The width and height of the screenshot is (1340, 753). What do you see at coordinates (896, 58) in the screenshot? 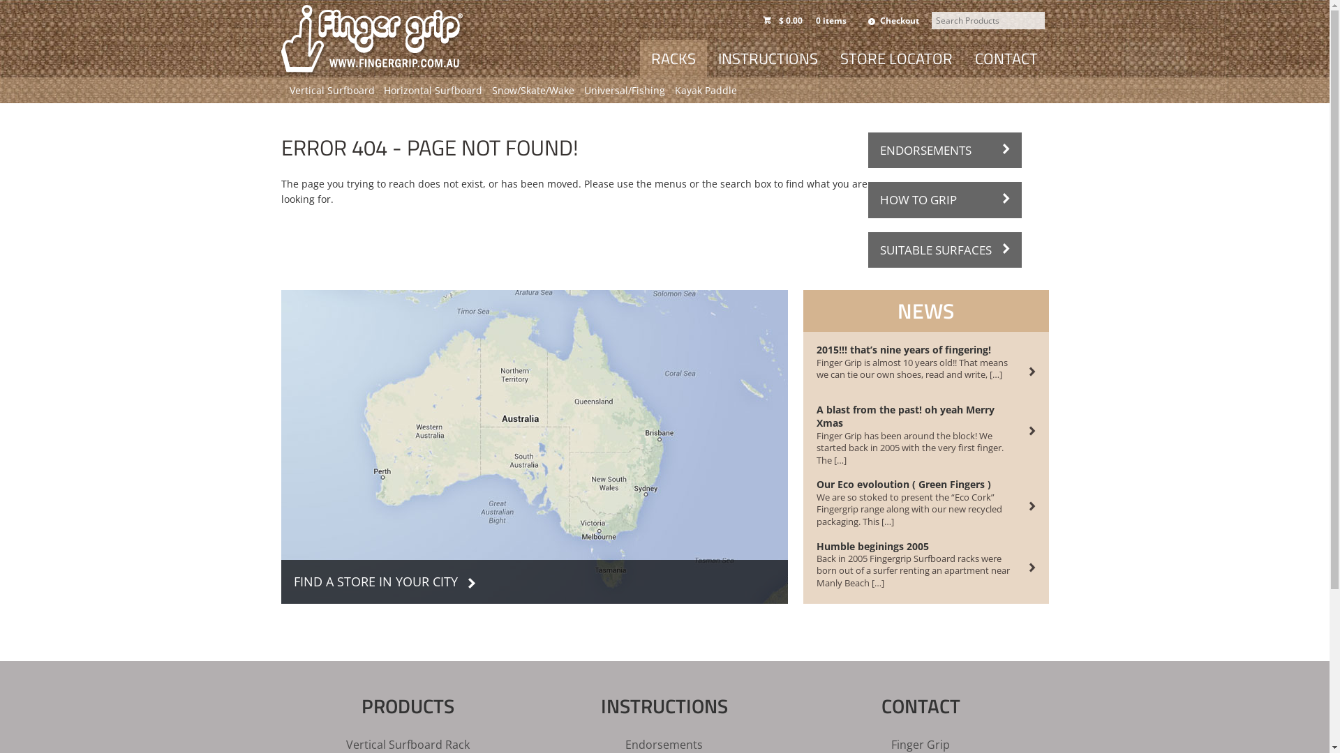
I see `'STORE LOCATOR'` at bounding box center [896, 58].